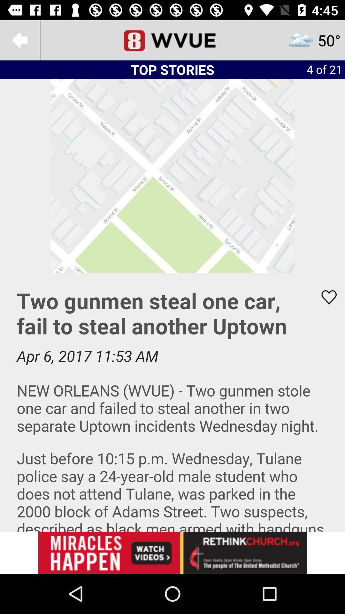 The height and width of the screenshot is (614, 345). What do you see at coordinates (19, 40) in the screenshot?
I see `pack page` at bounding box center [19, 40].